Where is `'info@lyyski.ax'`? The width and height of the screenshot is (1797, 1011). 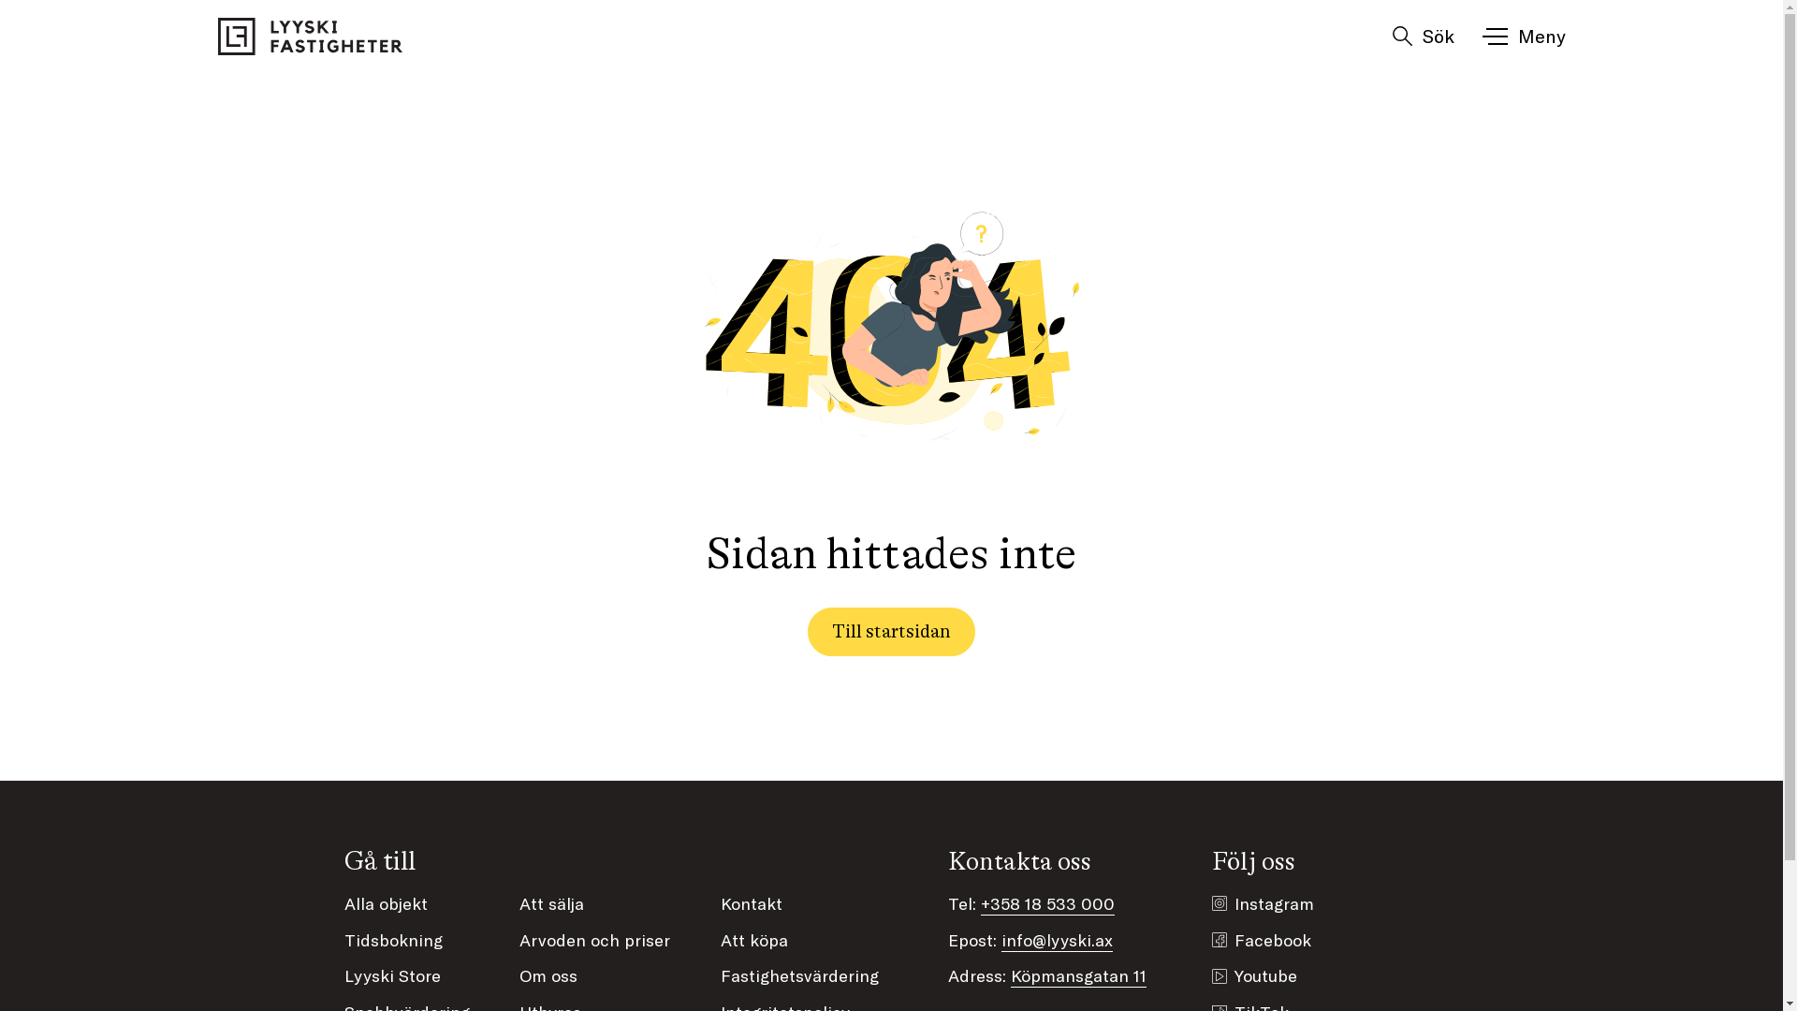 'info@lyyski.ax' is located at coordinates (1001, 939).